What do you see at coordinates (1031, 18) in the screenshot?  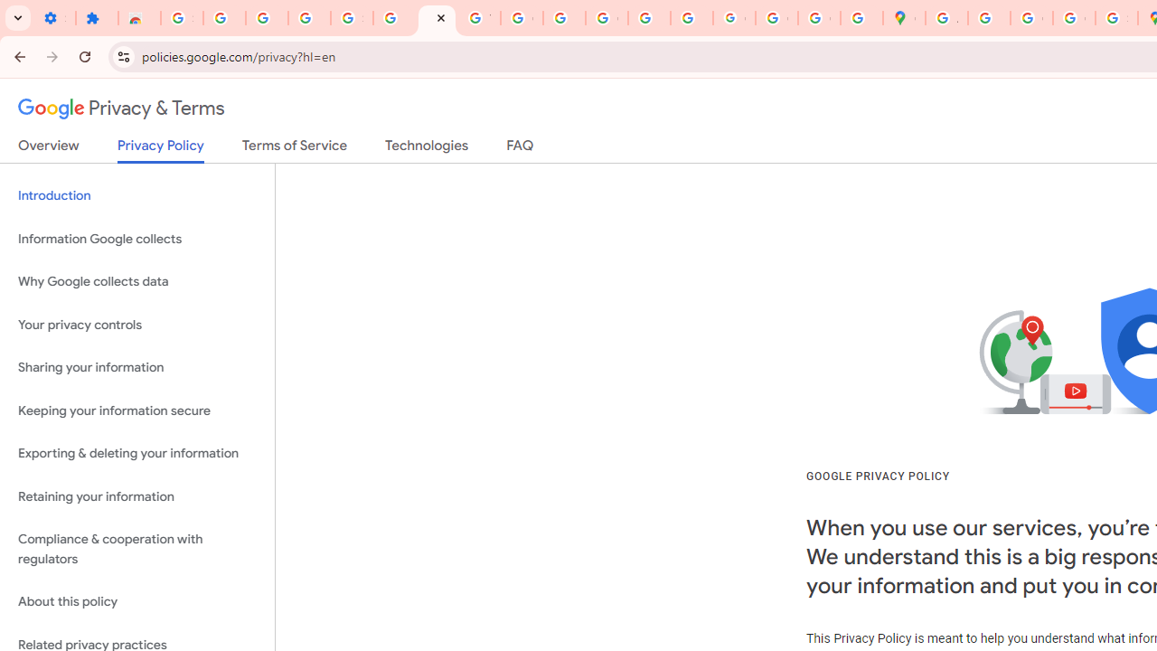 I see `'Create your Google Account'` at bounding box center [1031, 18].